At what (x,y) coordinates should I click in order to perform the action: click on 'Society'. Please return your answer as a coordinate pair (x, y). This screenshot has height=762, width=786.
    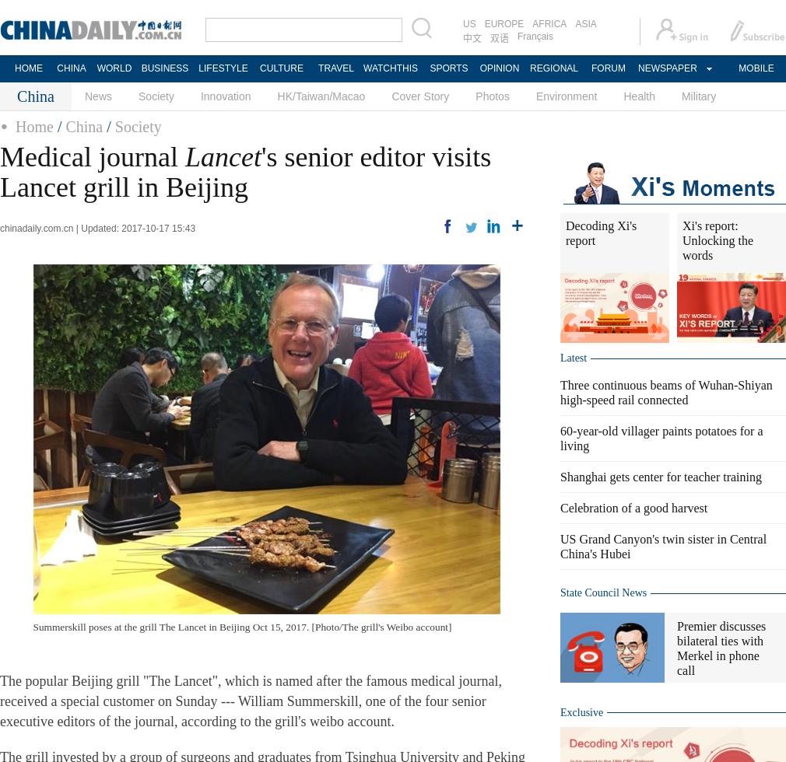
    Looking at the image, I should click on (136, 126).